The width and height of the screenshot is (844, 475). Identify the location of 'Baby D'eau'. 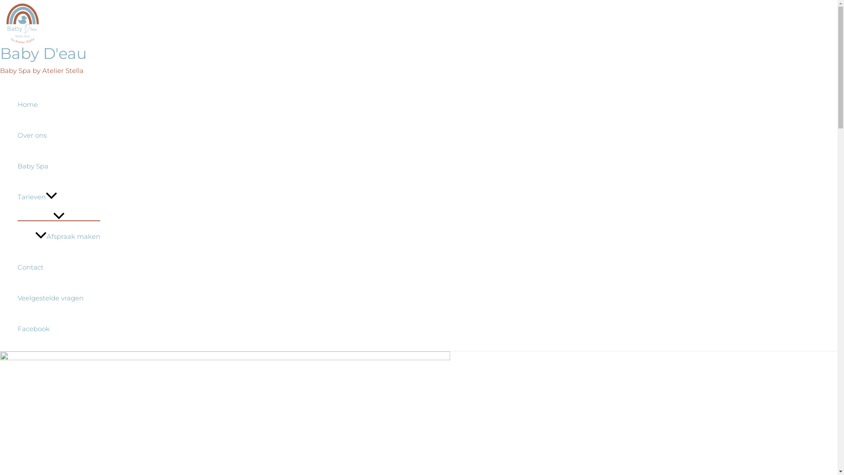
(43, 53).